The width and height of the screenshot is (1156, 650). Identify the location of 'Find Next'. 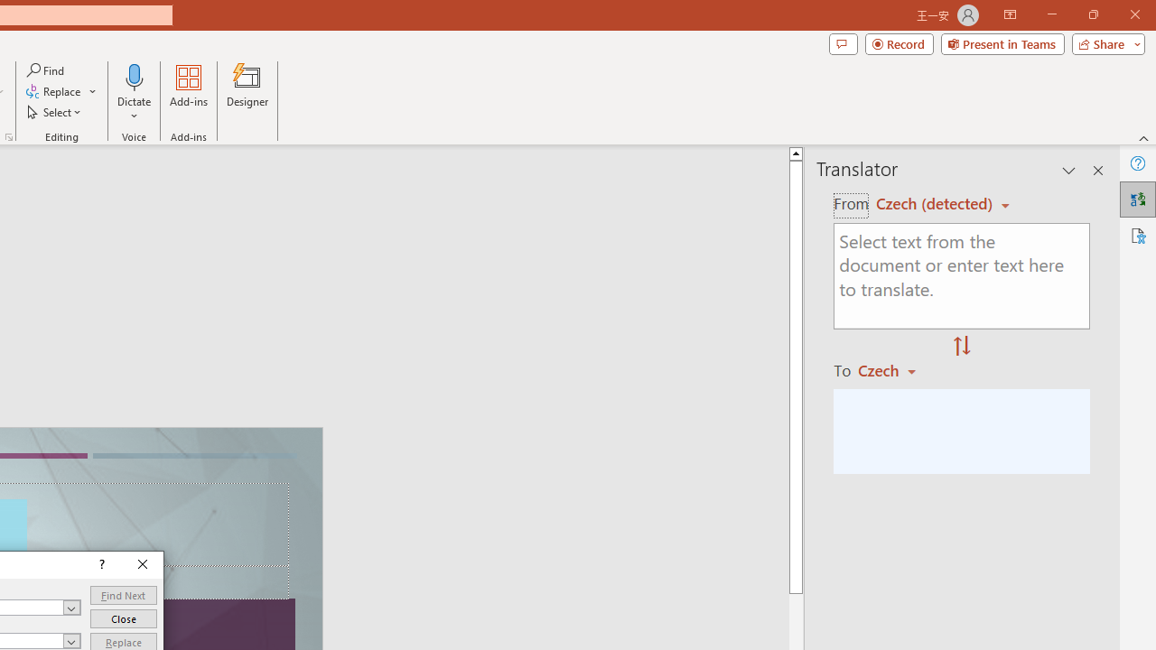
(122, 595).